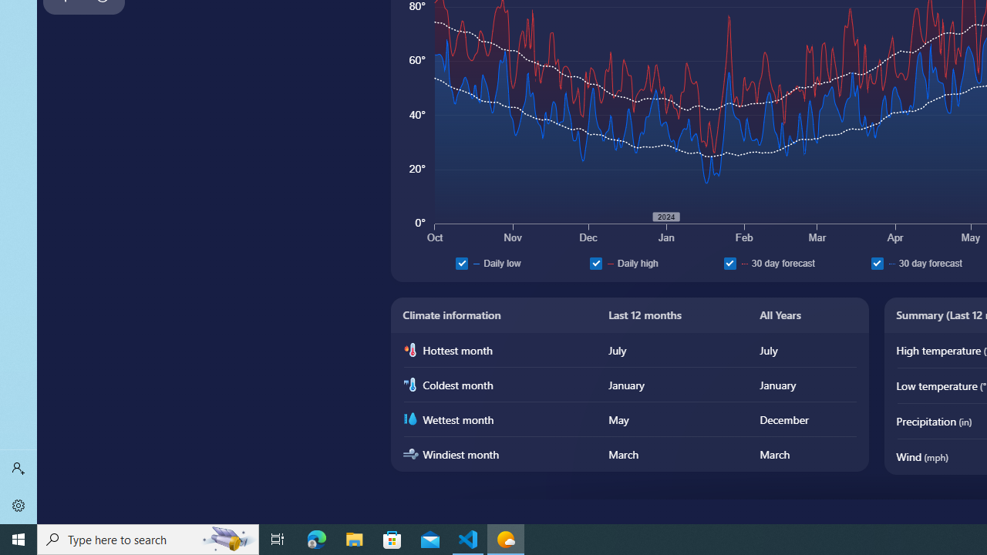 This screenshot has height=555, width=987. I want to click on 'Weather - 1 running window', so click(506, 538).